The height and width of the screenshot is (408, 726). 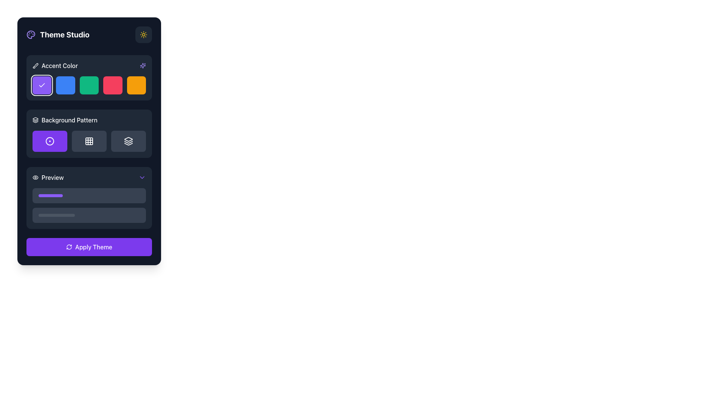 I want to click on the circular icon with a smaller filled circle in its center, located in the 'Background Pattern' section below the 'Accent Color' section for accessibility purposes, so click(x=50, y=141).